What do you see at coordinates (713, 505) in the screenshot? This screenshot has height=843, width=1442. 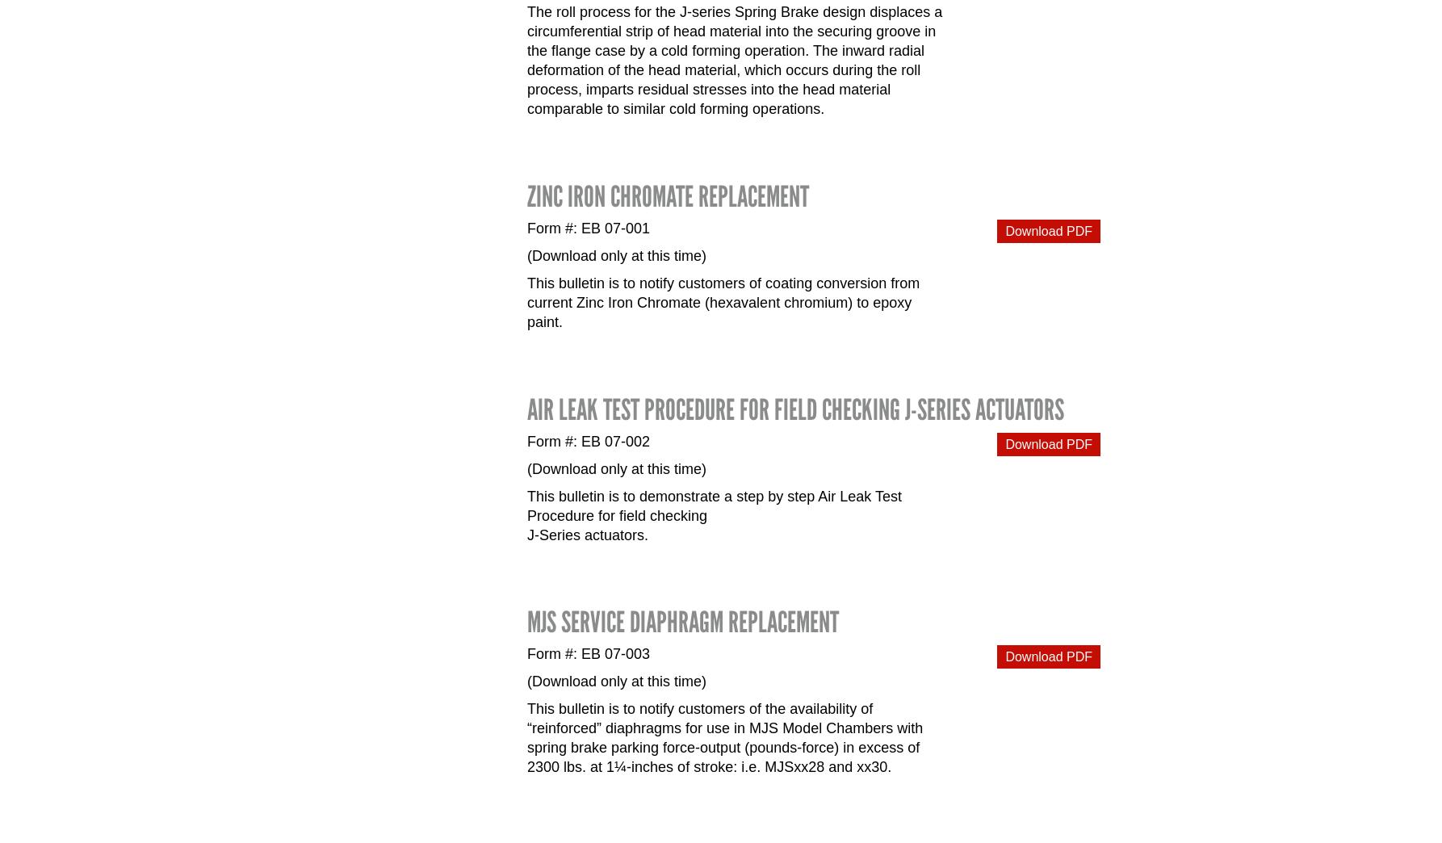 I see `'This bulletin is to demonstrate a step by step Air Leak Test Procedure for field checking'` at bounding box center [713, 505].